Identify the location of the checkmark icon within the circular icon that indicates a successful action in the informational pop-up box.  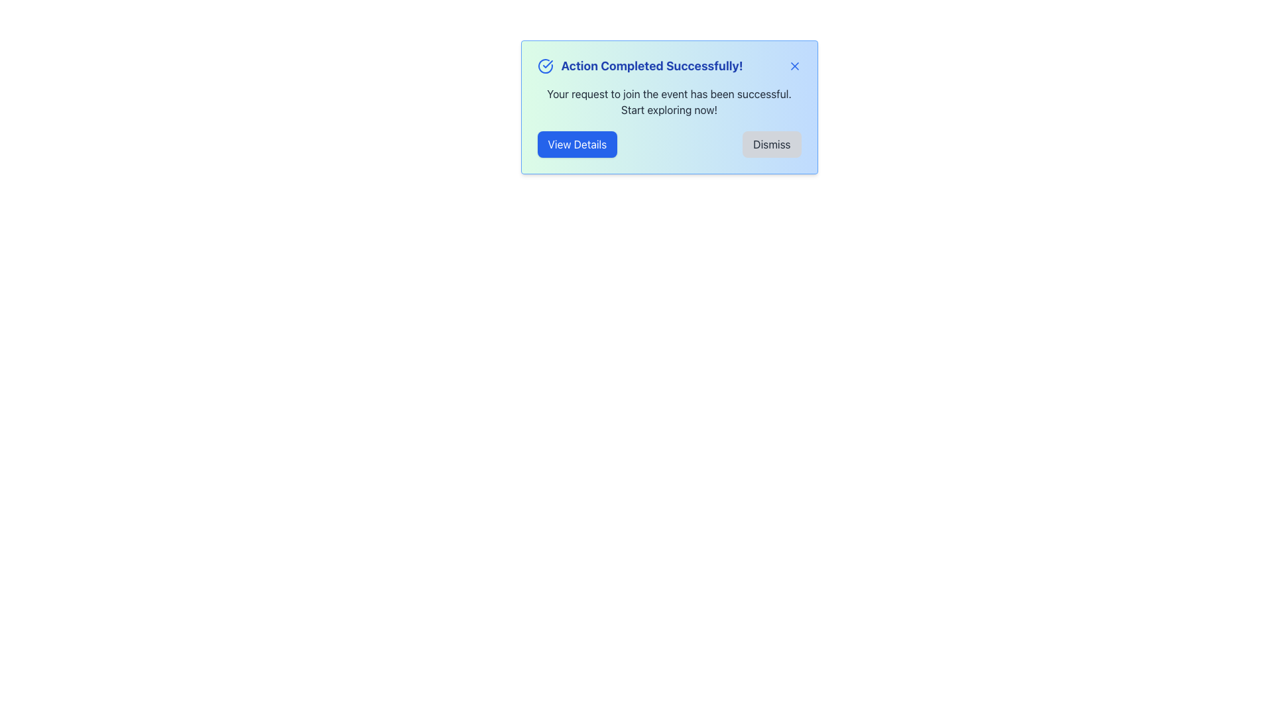
(547, 64).